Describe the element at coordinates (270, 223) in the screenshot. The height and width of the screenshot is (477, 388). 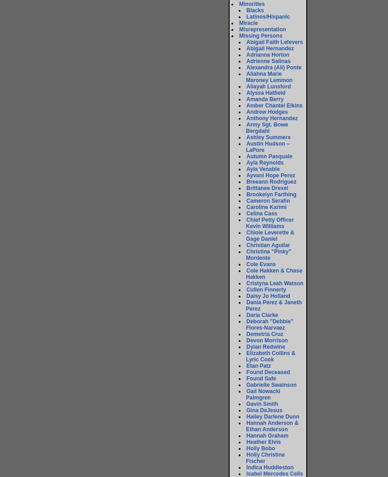
I see `'Chief Petty Officer Kevin Williams'` at that location.